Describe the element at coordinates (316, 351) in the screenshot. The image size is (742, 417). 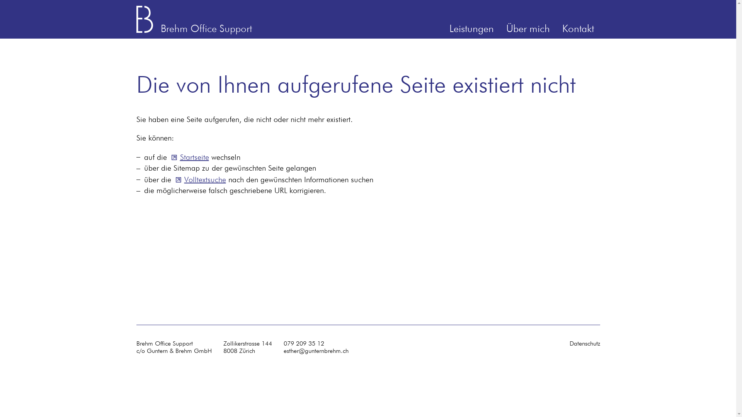
I see `'esther@gunternbrehm.ch'` at that location.